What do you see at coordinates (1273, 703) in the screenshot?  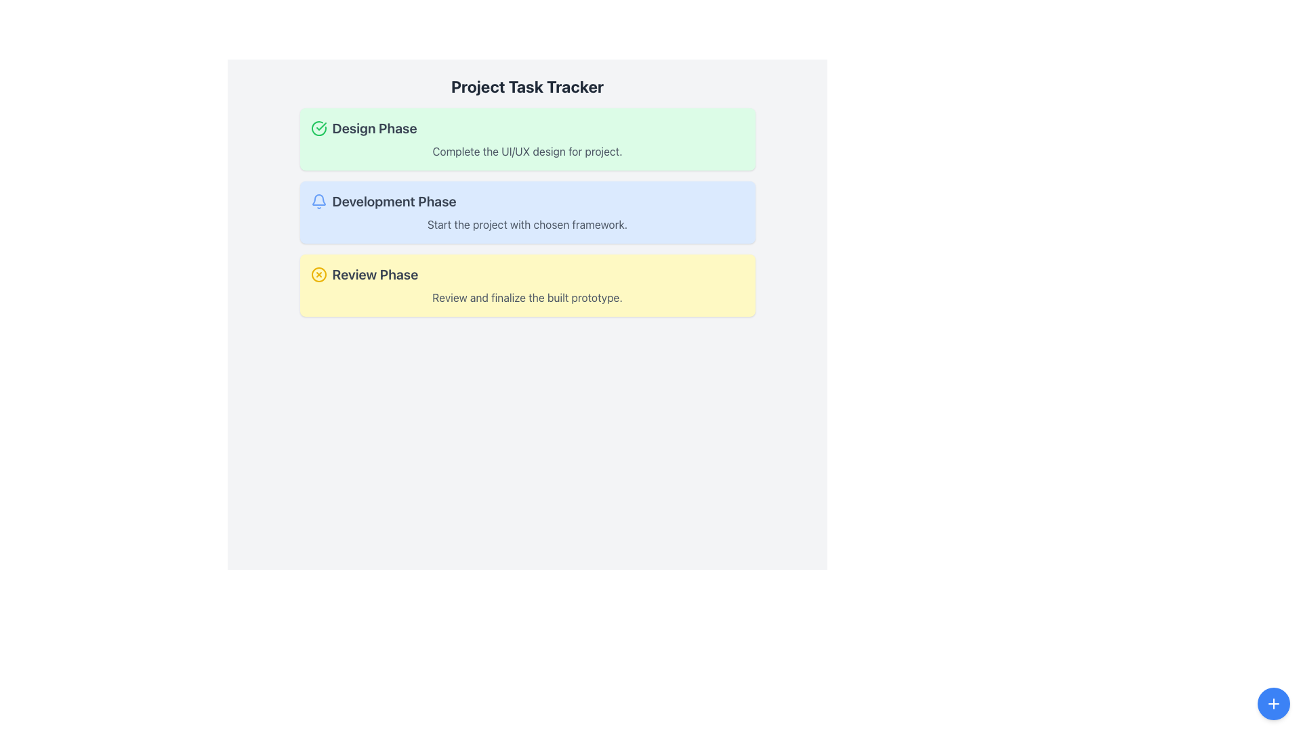 I see `the blue circular button with a white plus sign (+) icon located in the bottom-right corner of the interface` at bounding box center [1273, 703].